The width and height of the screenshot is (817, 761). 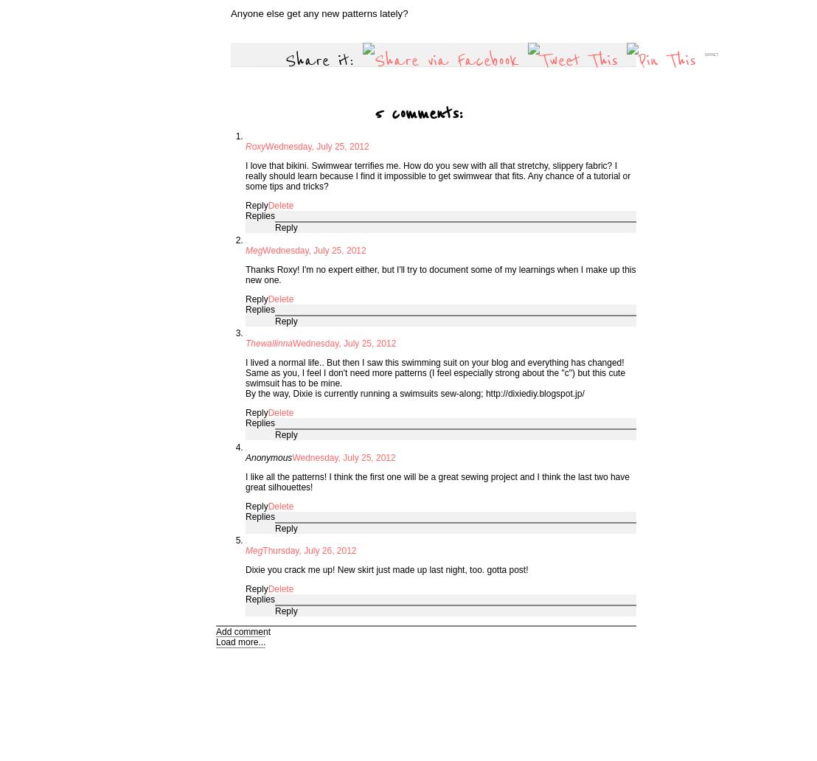 I want to click on 'I love that bikini. Swimwear terrifies me. How do you sew with all that stretchy, slippery fabric? I really should learn because I find it impossible to get swimwear that fits. Any chance of a tutorial or some tips and tricks?', so click(x=437, y=176).